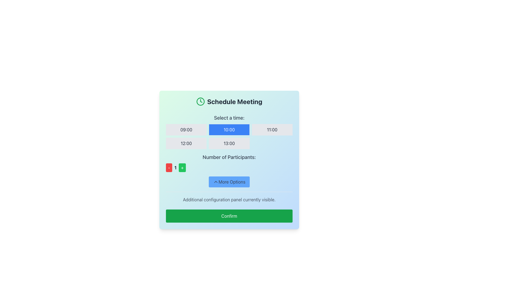 This screenshot has width=524, height=295. What do you see at coordinates (229, 143) in the screenshot?
I see `the button used for selecting the time '13:00'` at bounding box center [229, 143].